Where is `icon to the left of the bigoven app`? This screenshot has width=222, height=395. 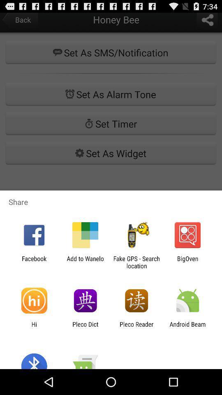
icon to the left of the bigoven app is located at coordinates (136, 262).